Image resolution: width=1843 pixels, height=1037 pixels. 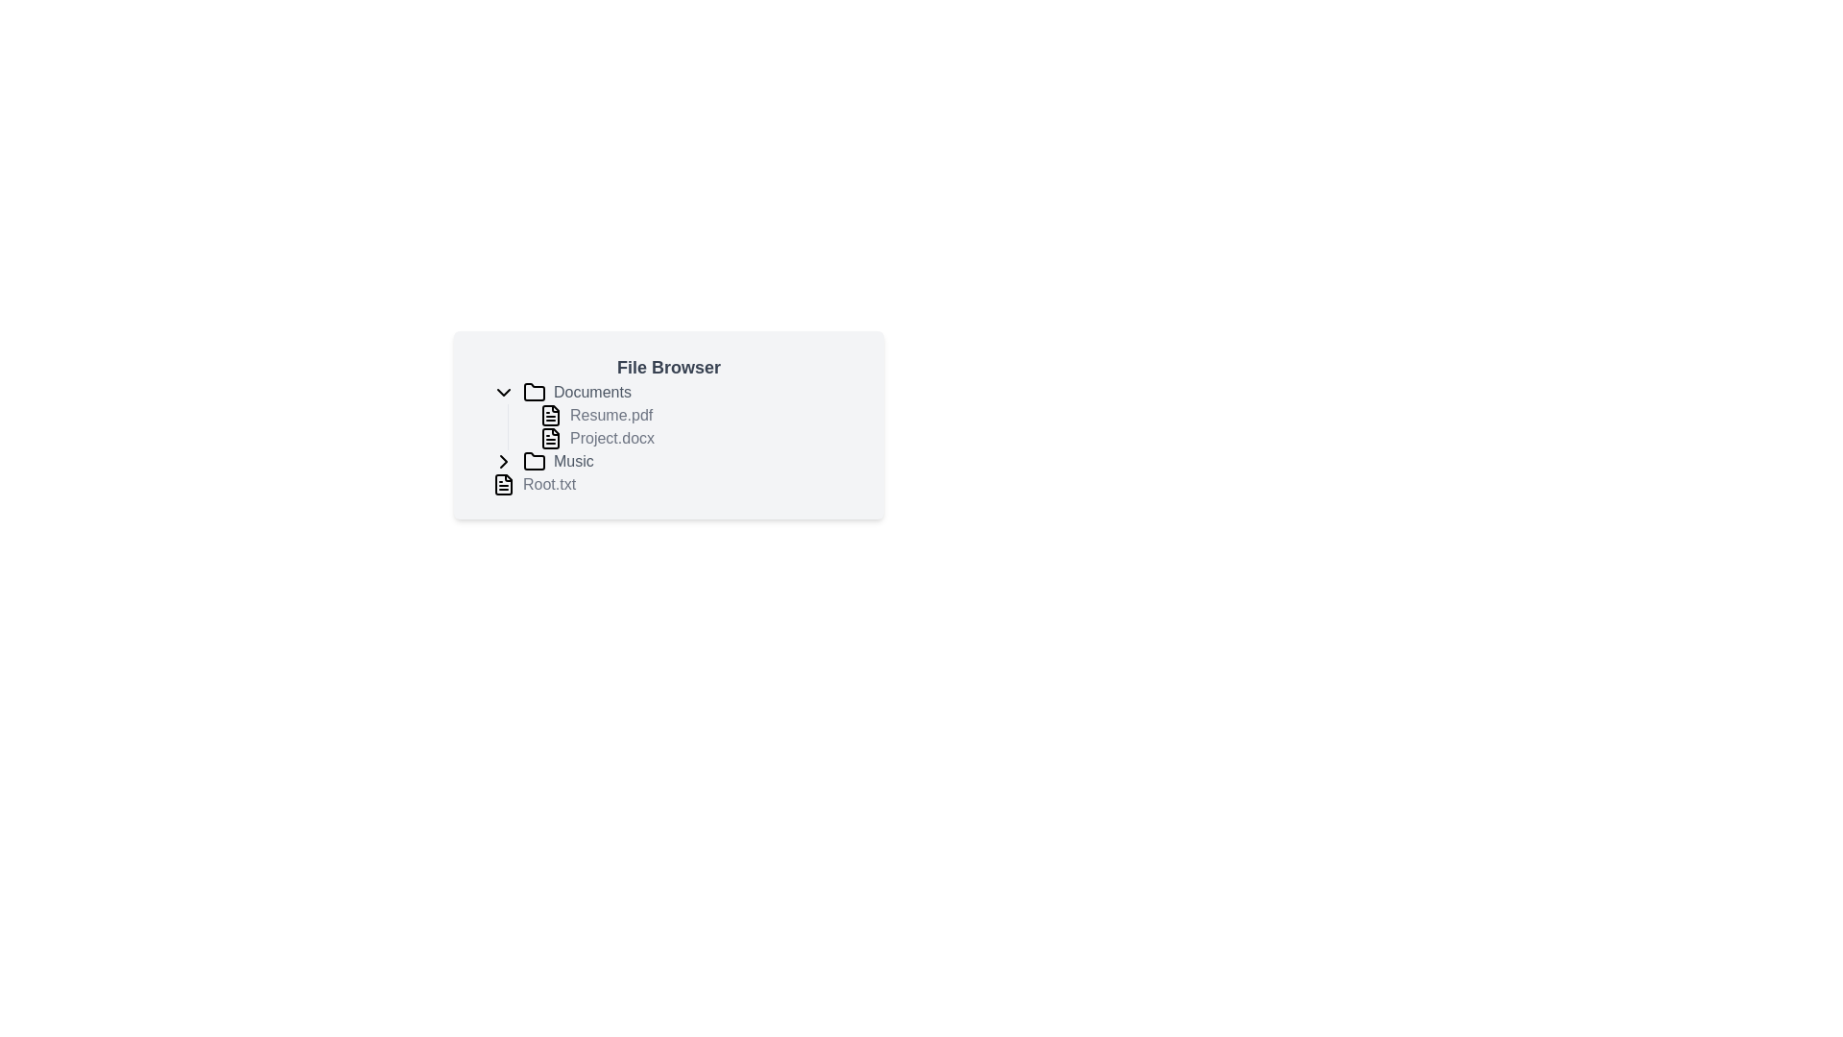 I want to click on the down-pointing chevron icon located to the left of the 'Documents' text, so click(x=503, y=391).